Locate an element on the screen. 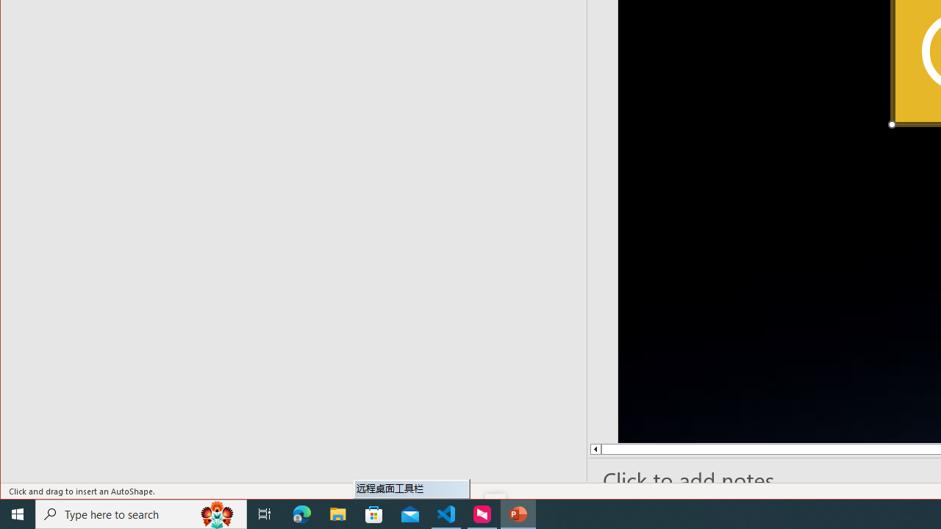 The height and width of the screenshot is (529, 941). 'Microsoft Edge' is located at coordinates (301, 513).